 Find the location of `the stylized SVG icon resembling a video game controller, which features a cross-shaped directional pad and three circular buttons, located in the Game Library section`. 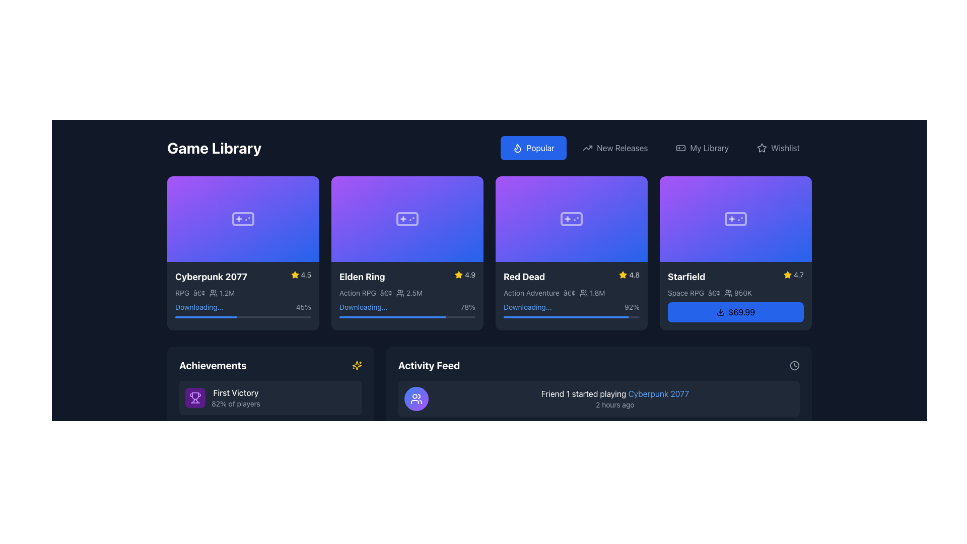

the stylized SVG icon resembling a video game controller, which features a cross-shaped directional pad and three circular buttons, located in the Game Library section is located at coordinates (735, 218).